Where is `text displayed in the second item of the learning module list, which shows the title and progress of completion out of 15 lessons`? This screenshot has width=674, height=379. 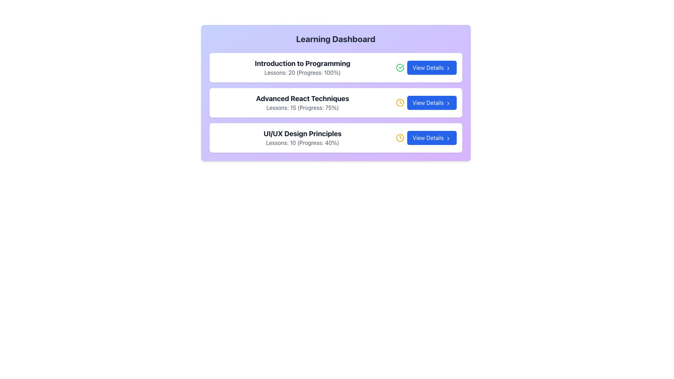 text displayed in the second item of the learning module list, which shows the title and progress of completion out of 15 lessons is located at coordinates (303, 103).